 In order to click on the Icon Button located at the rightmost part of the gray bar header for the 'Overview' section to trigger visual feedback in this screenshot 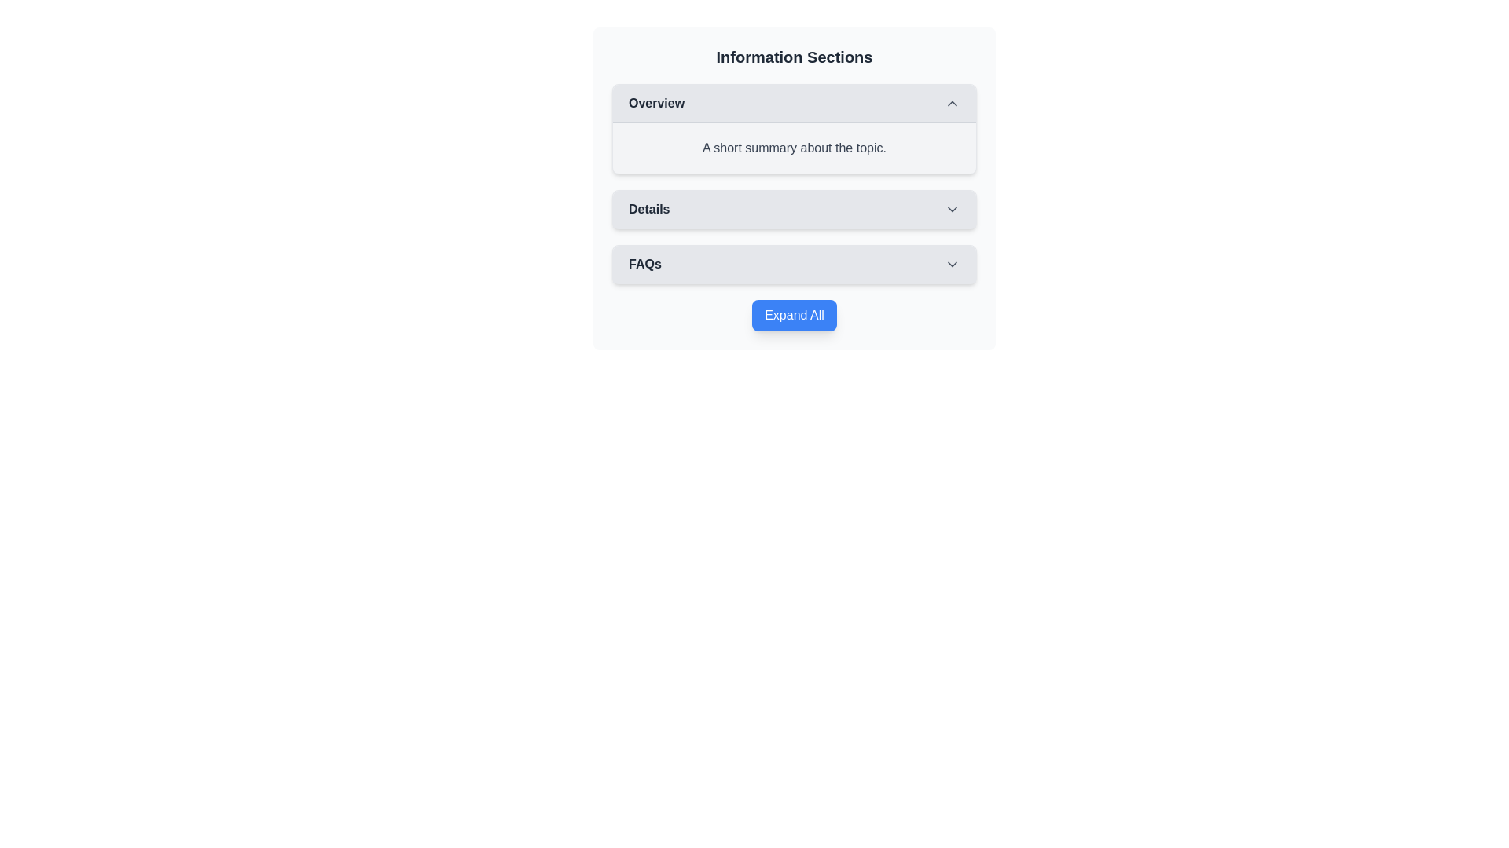, I will do `click(951, 103)`.